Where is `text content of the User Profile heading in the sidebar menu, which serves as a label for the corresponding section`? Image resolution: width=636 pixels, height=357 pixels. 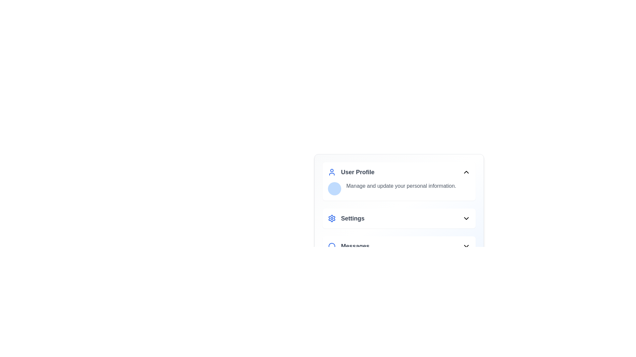
text content of the User Profile heading in the sidebar menu, which serves as a label for the corresponding section is located at coordinates (357, 172).